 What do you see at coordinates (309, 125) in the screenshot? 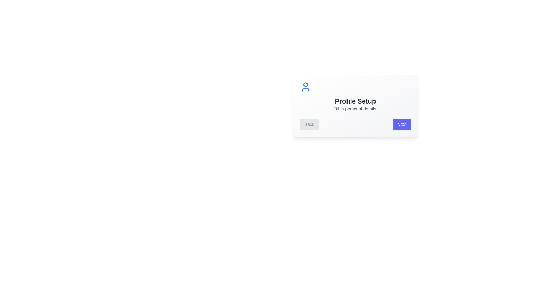
I see `the 'Back' button to navigate to the previous step` at bounding box center [309, 125].